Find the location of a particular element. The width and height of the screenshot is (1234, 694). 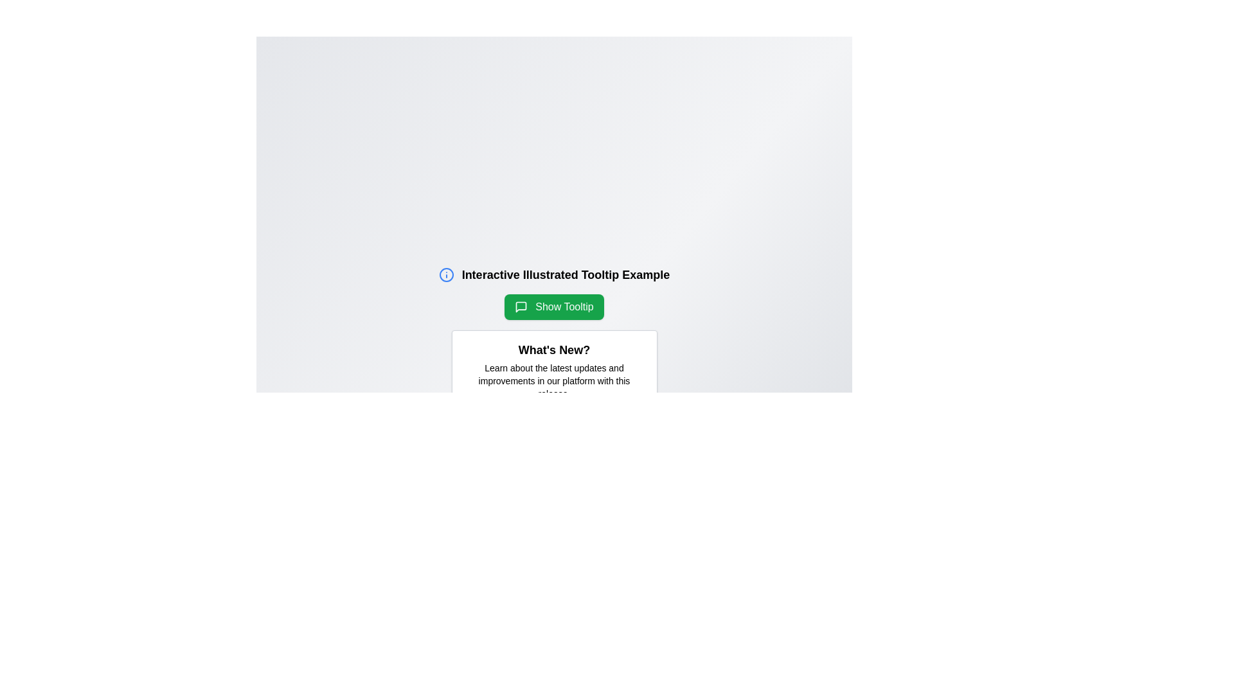

the text element that reads 'Interactive Illustrated Tooltip Example', which features a bold font style and a blue circular icon with an 'i' on its left side is located at coordinates (554, 274).